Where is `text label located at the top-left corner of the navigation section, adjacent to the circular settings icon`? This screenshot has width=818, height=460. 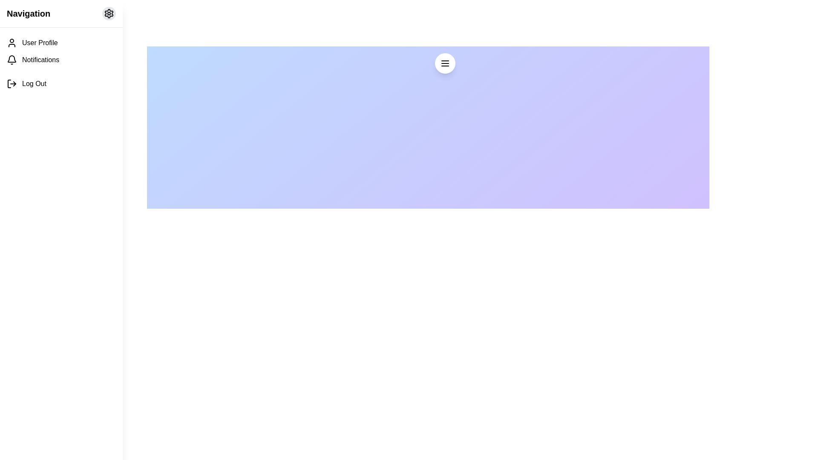 text label located at the top-left corner of the navigation section, adjacent to the circular settings icon is located at coordinates (29, 13).